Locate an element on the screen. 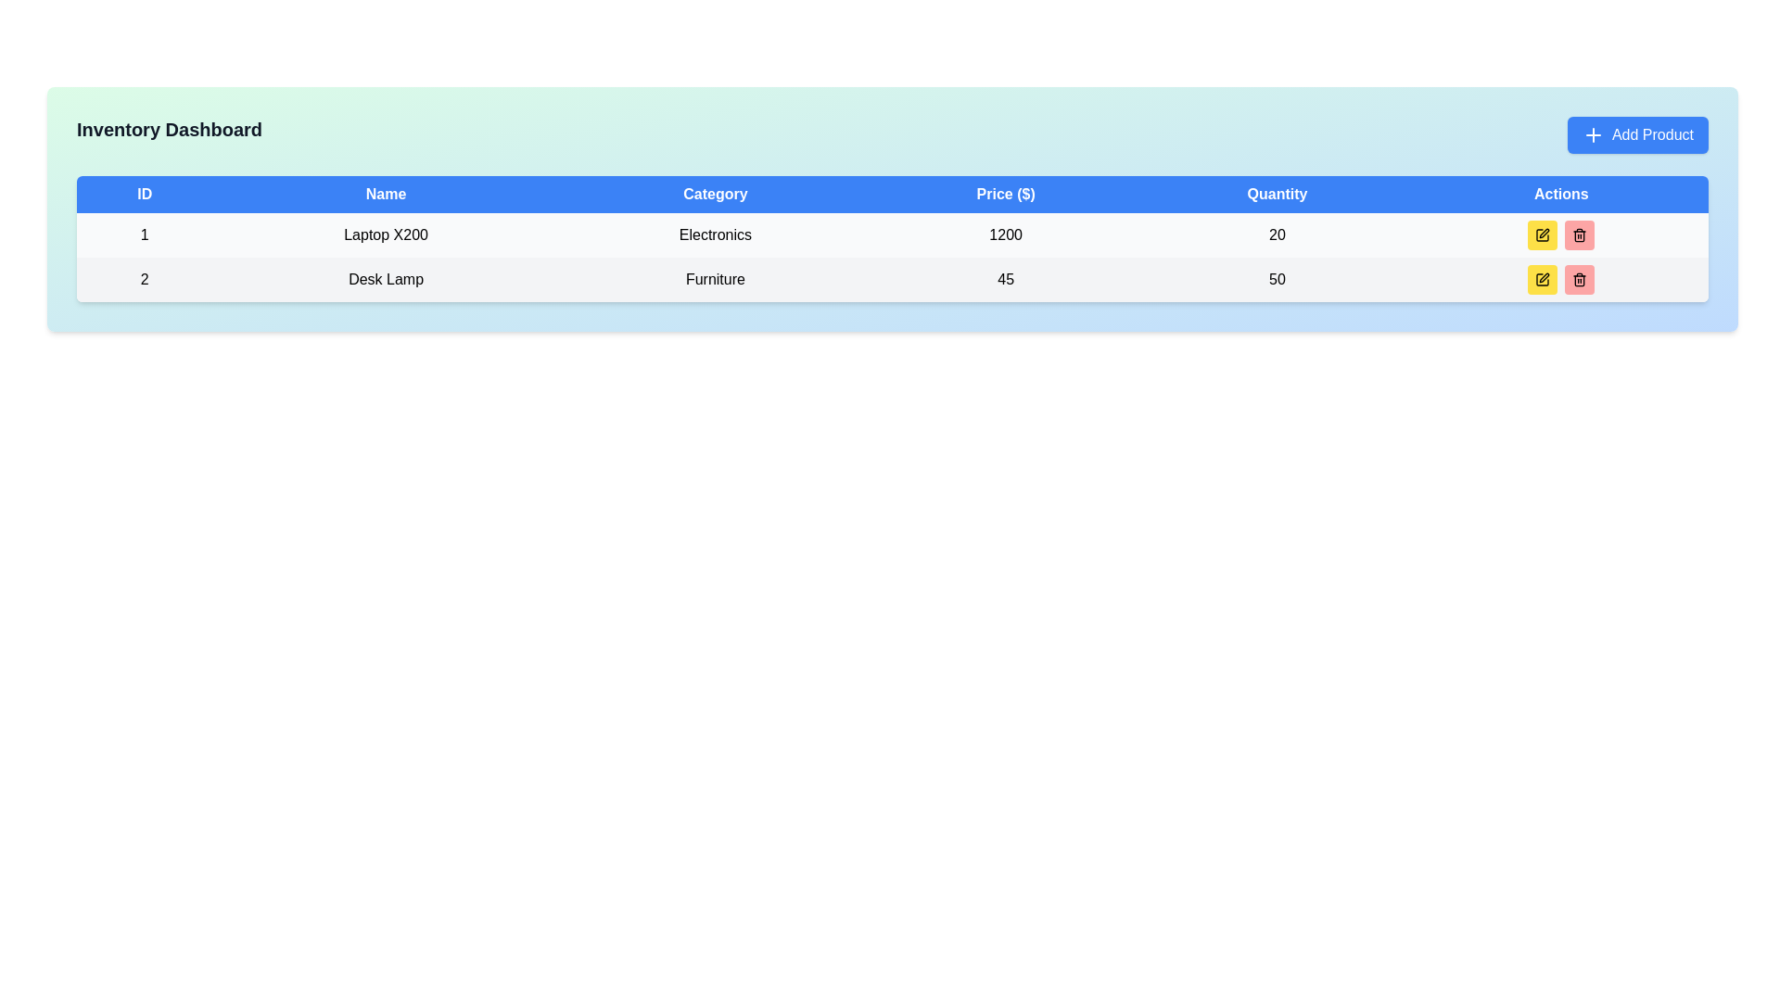  the trash can icon in the 'Actions' column of the second row of the table is located at coordinates (1579, 279).